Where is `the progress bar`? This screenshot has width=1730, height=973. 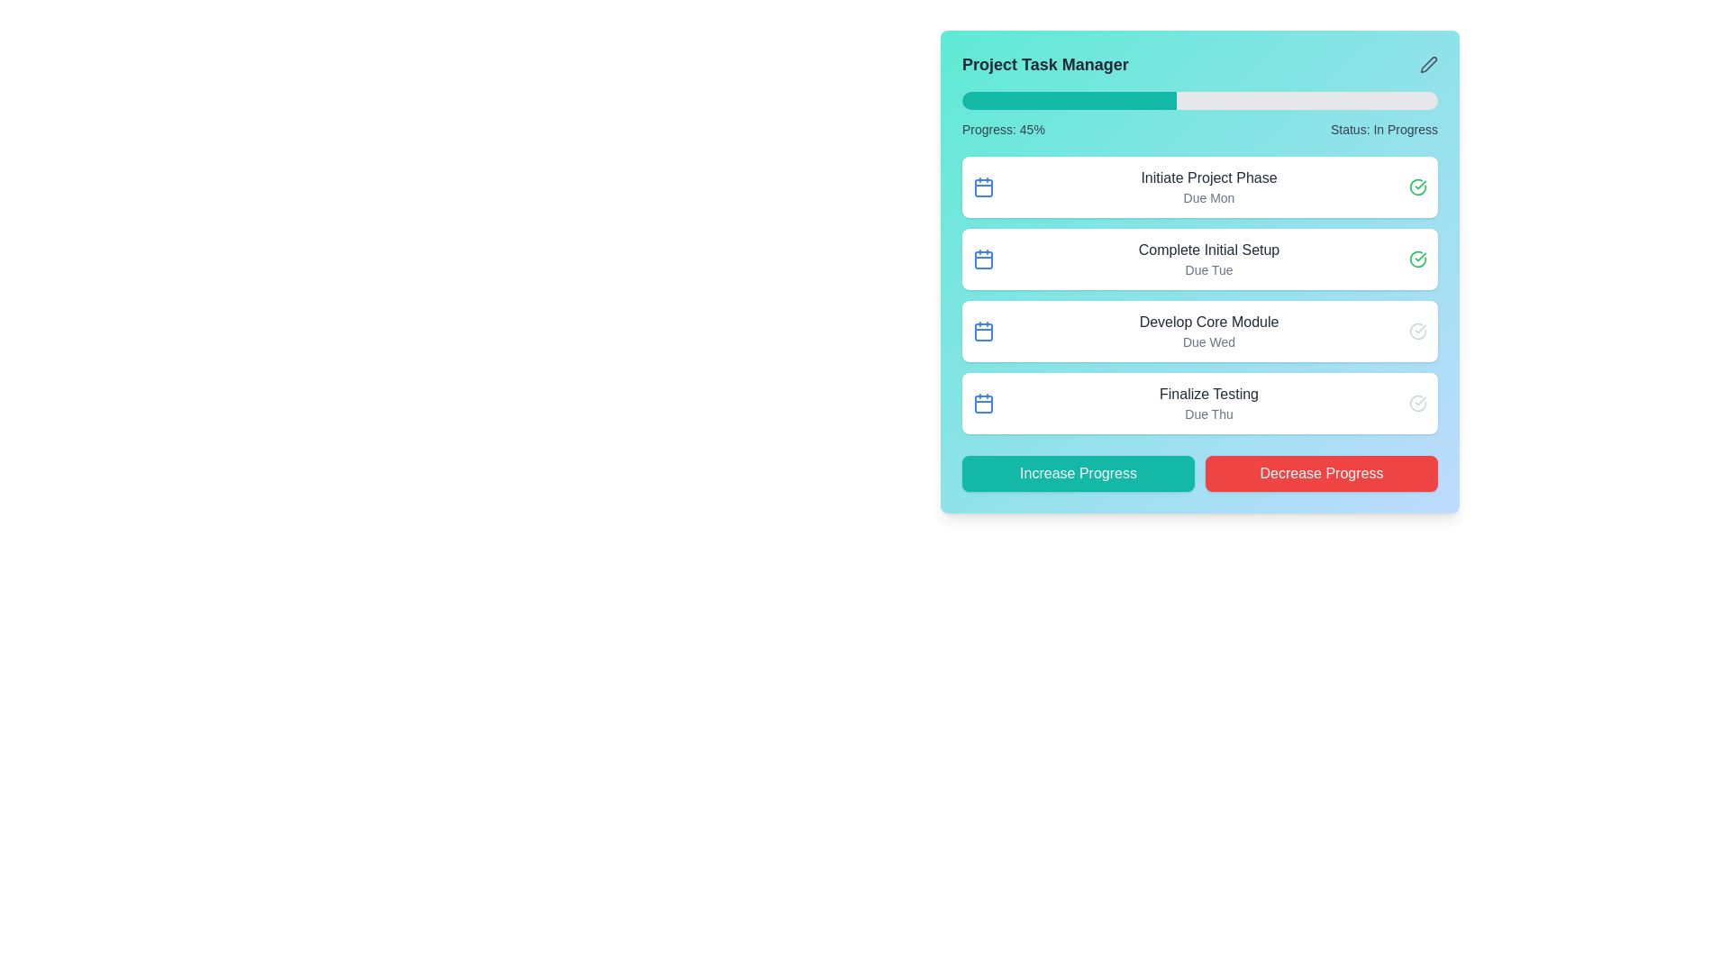 the progress bar is located at coordinates (1017, 100).